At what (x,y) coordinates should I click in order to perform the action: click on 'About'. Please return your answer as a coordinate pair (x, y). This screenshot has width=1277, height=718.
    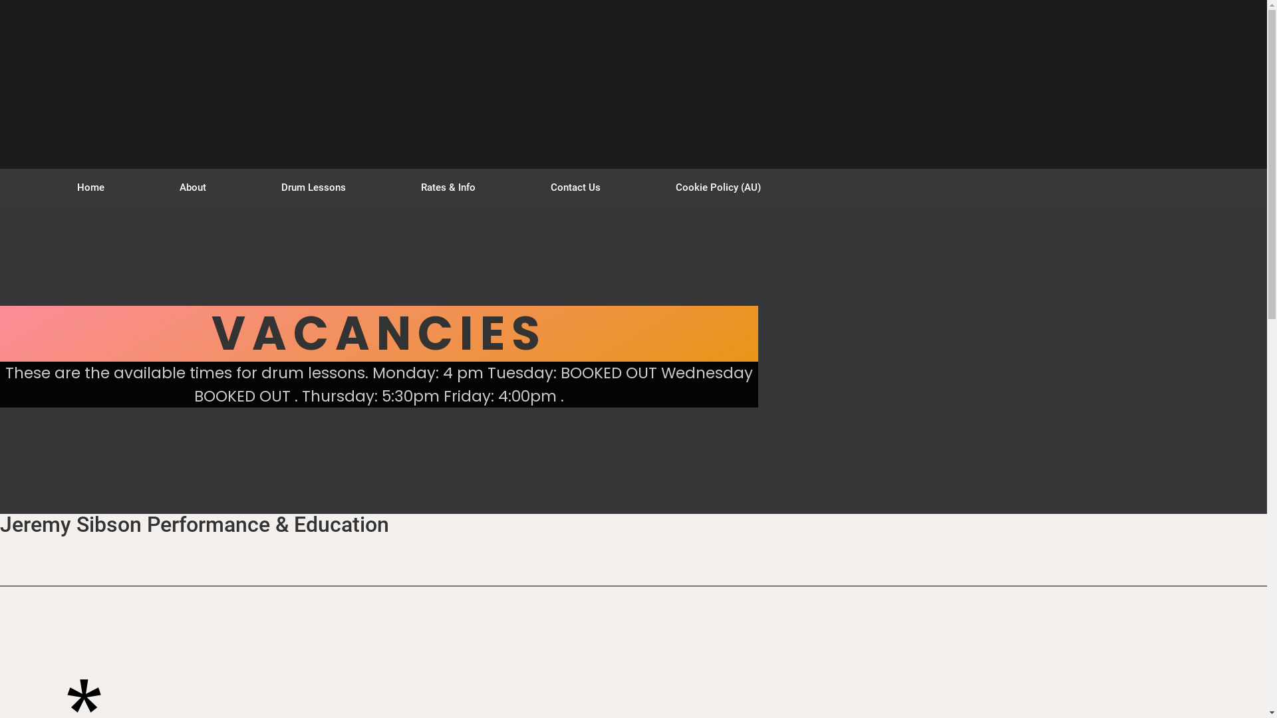
    Looking at the image, I should click on (192, 187).